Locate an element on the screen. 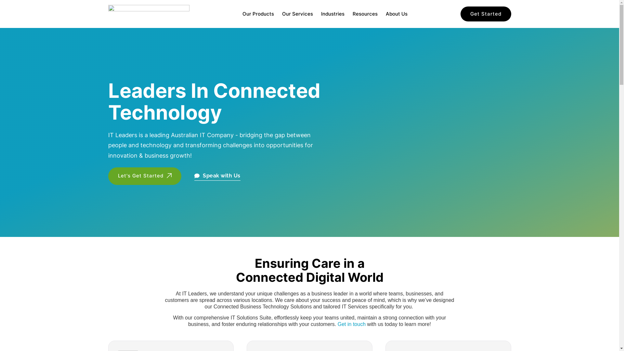 This screenshot has width=624, height=351. 'Get Started' is located at coordinates (485, 14).